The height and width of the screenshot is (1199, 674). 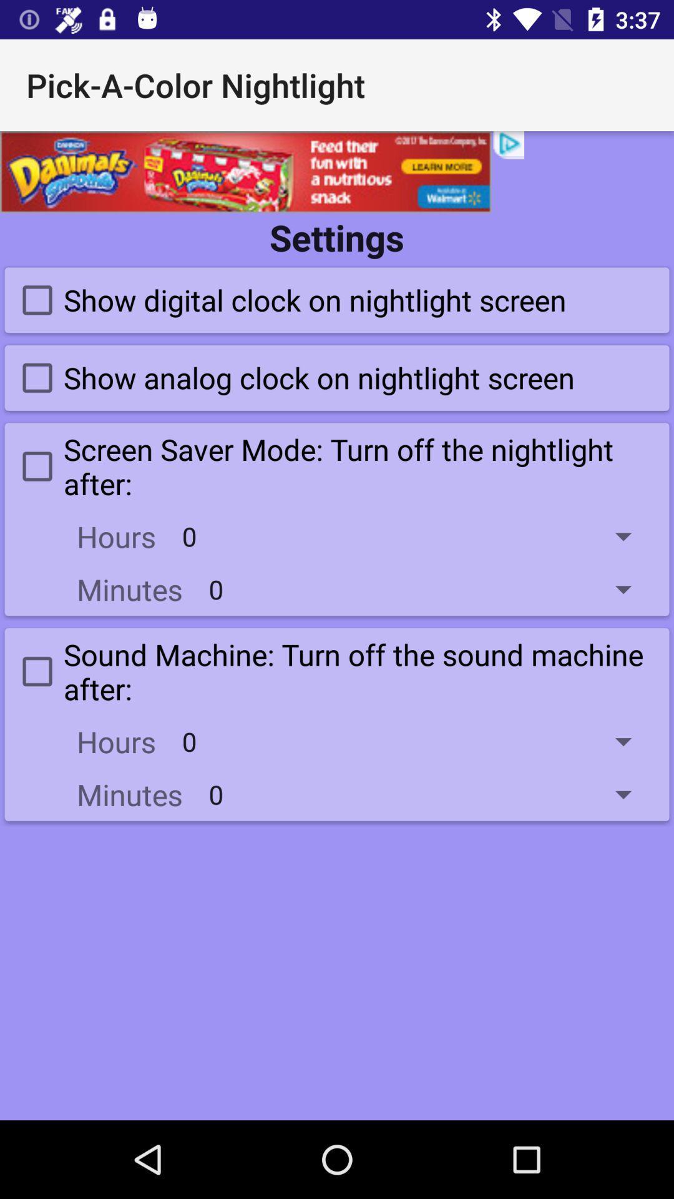 I want to click on the first check box, so click(x=288, y=300).